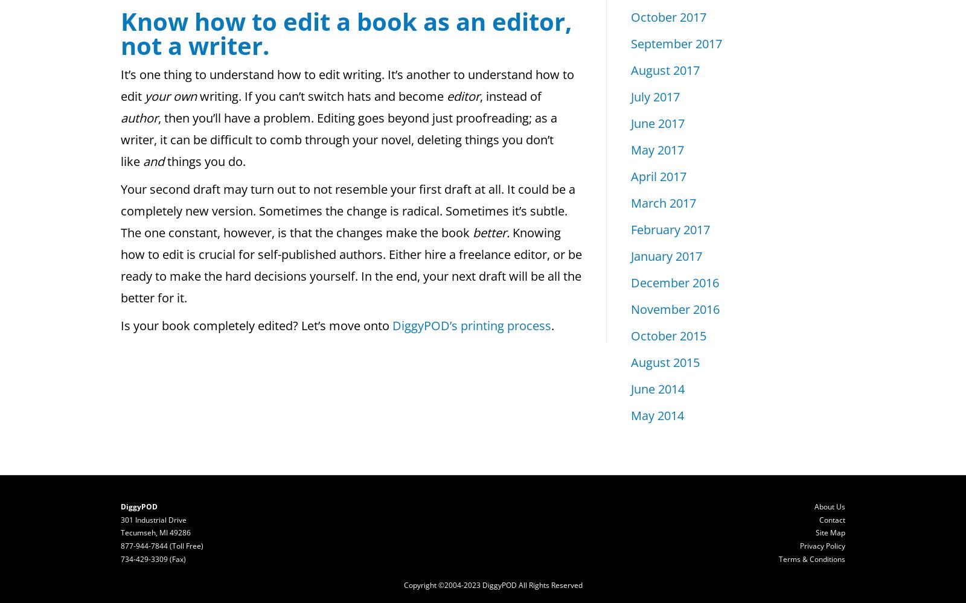 Image resolution: width=966 pixels, height=603 pixels. I want to click on 'DiggyPOD’s printing process', so click(392, 325).